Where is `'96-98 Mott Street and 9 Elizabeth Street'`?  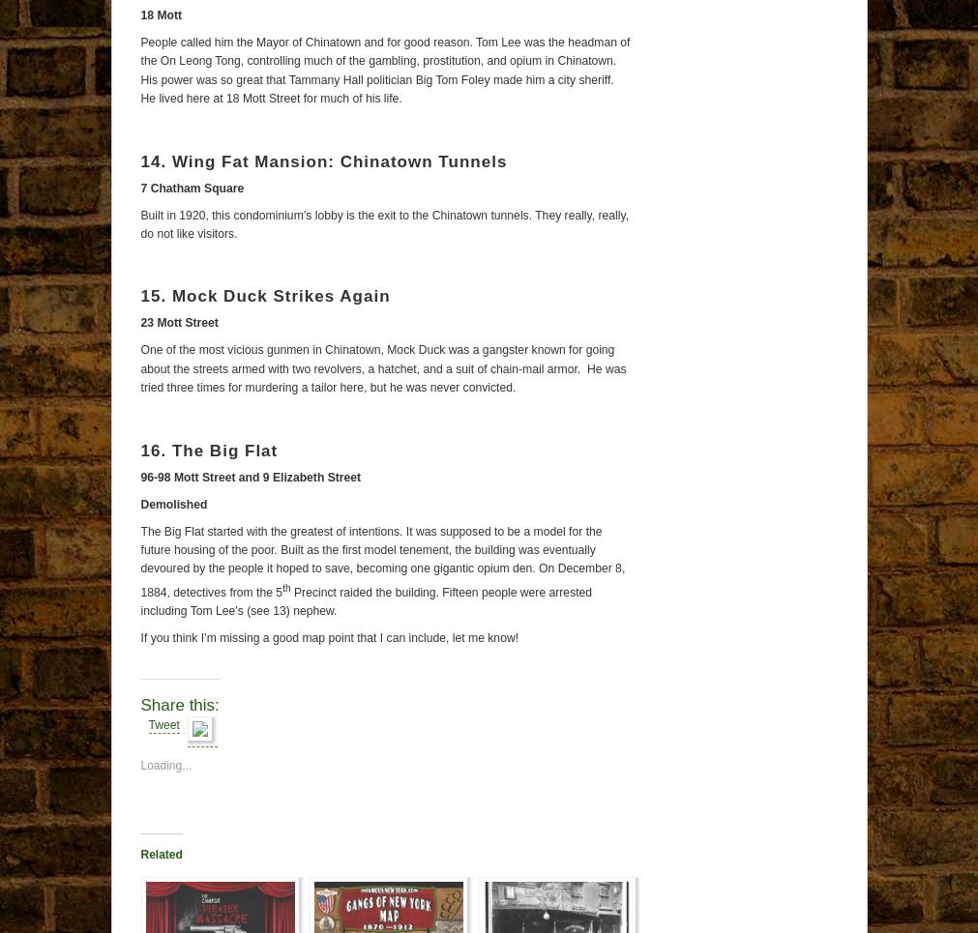
'96-98 Mott Street and 9 Elizabeth Street' is located at coordinates (138, 477).